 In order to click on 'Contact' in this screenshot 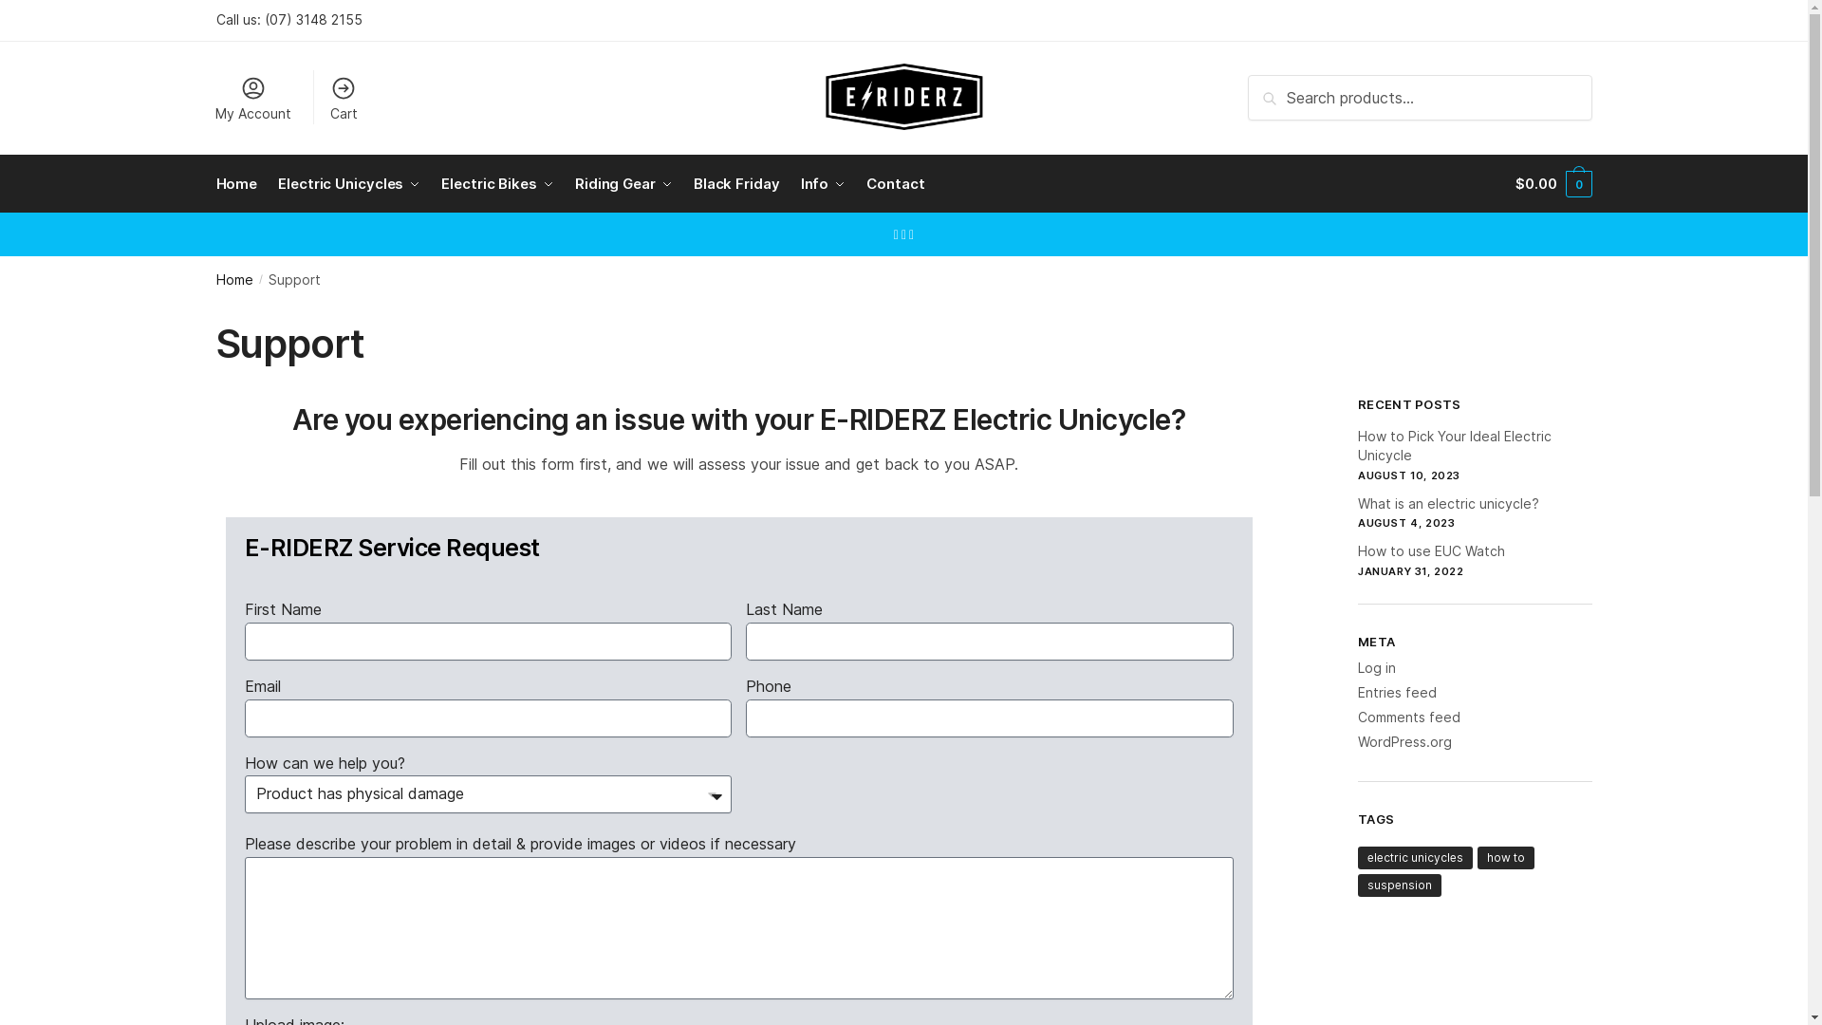, I will do `click(895, 183)`.